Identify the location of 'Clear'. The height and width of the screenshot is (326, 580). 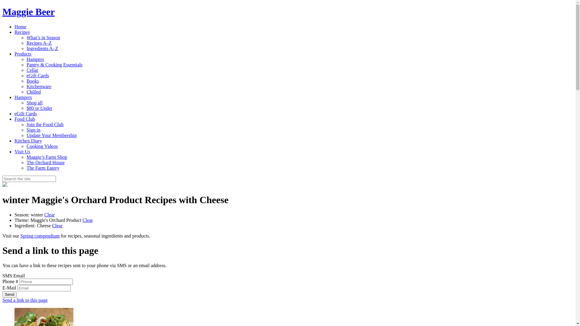
(50, 214).